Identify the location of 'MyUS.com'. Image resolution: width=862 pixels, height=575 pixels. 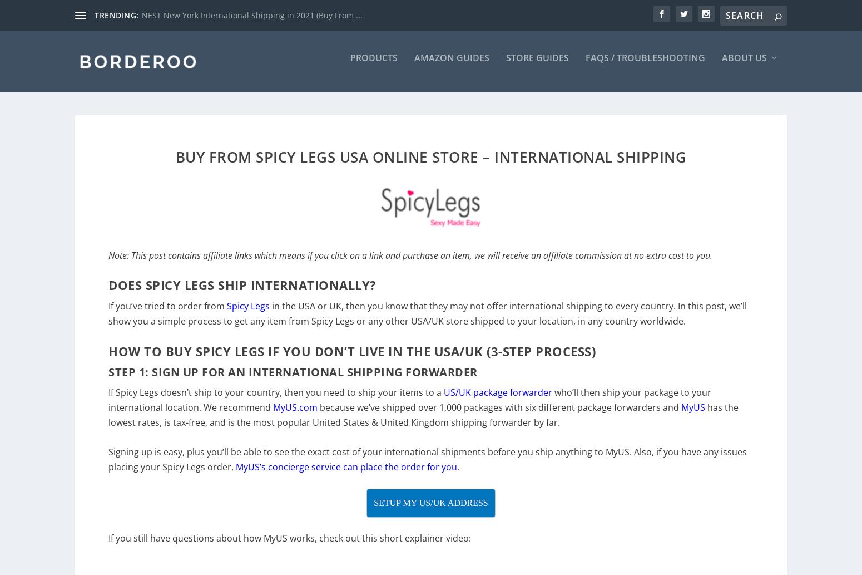
(273, 414).